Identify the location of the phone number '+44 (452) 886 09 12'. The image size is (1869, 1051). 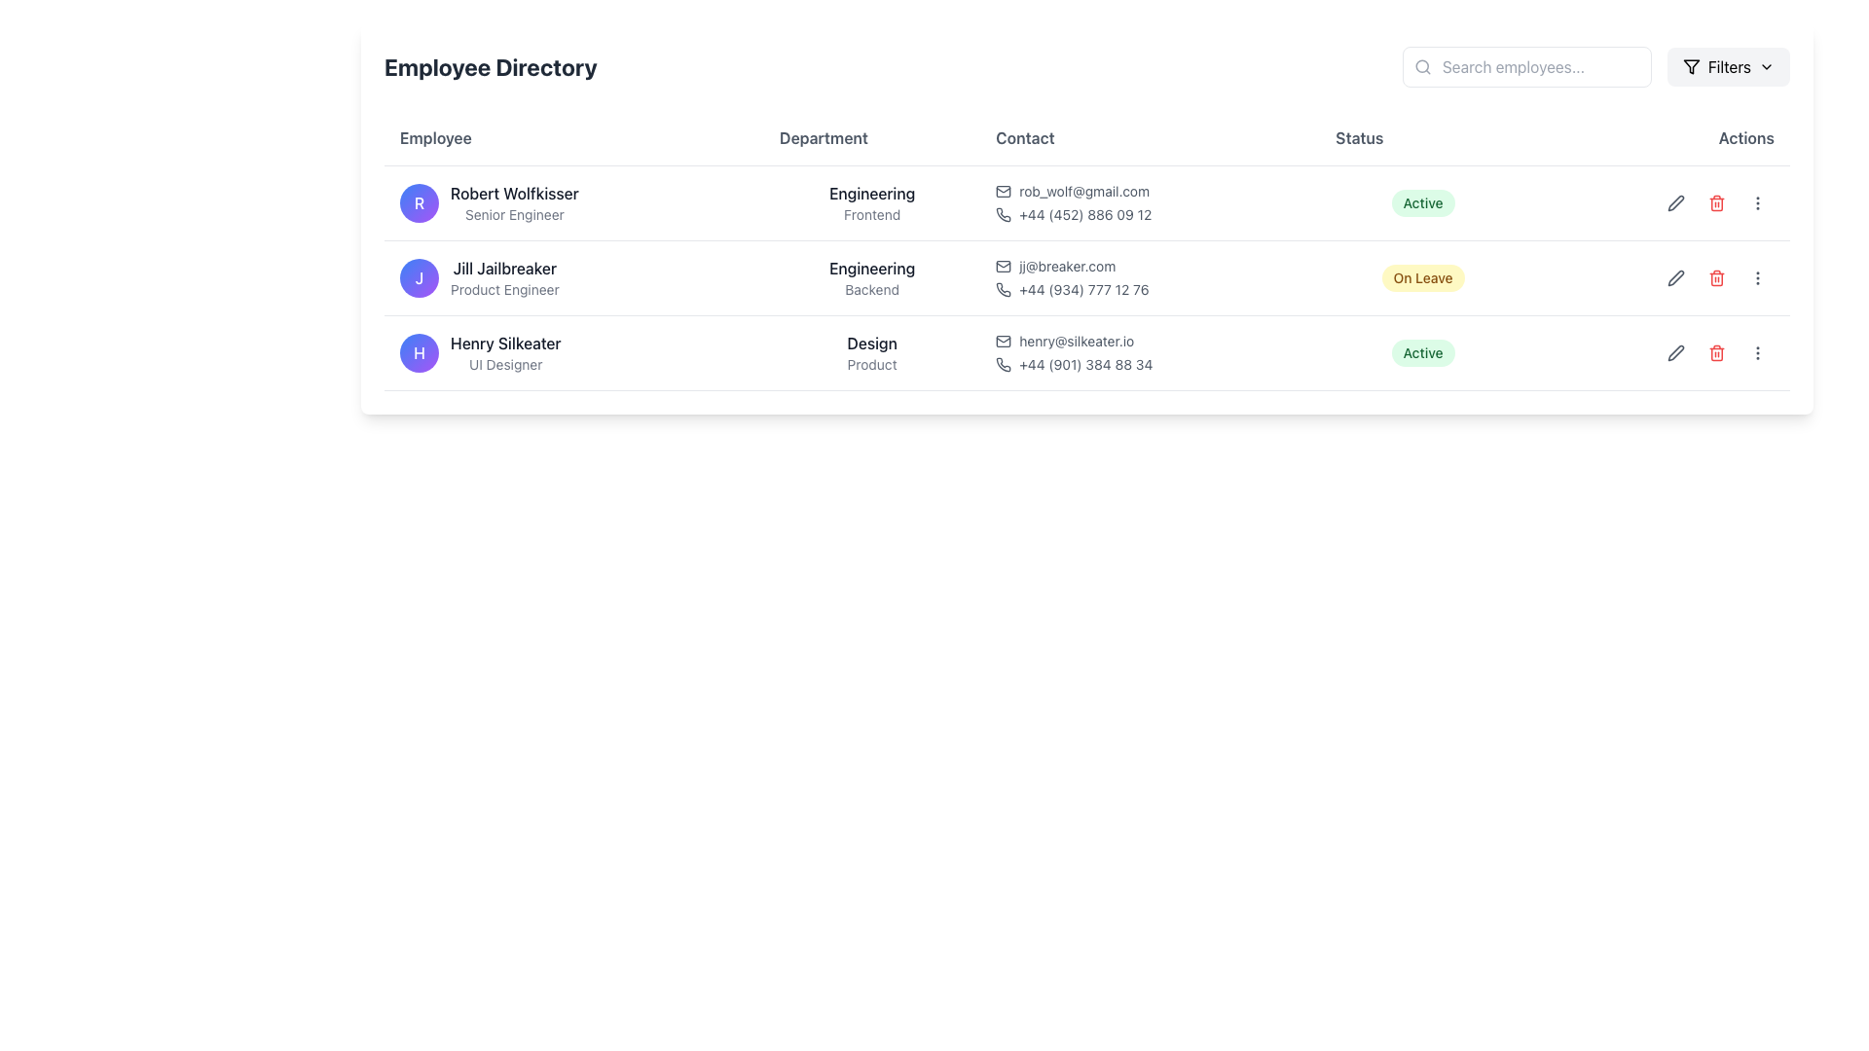
(1084, 214).